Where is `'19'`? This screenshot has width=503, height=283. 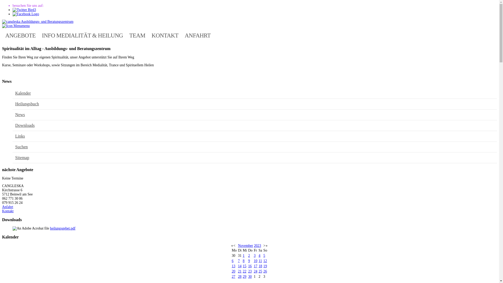 '19' is located at coordinates (265, 266).